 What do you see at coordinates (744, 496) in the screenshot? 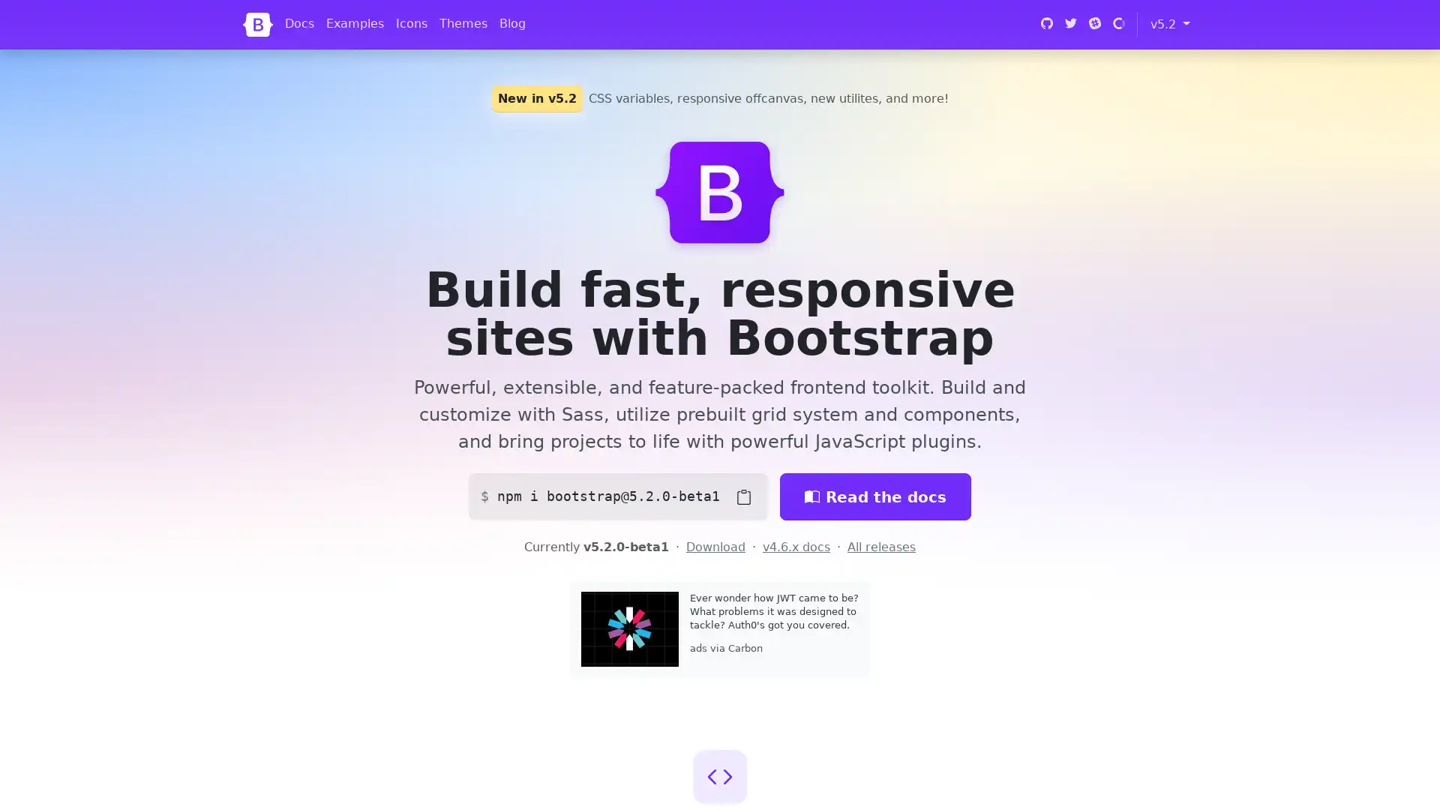
I see `Copy` at bounding box center [744, 496].